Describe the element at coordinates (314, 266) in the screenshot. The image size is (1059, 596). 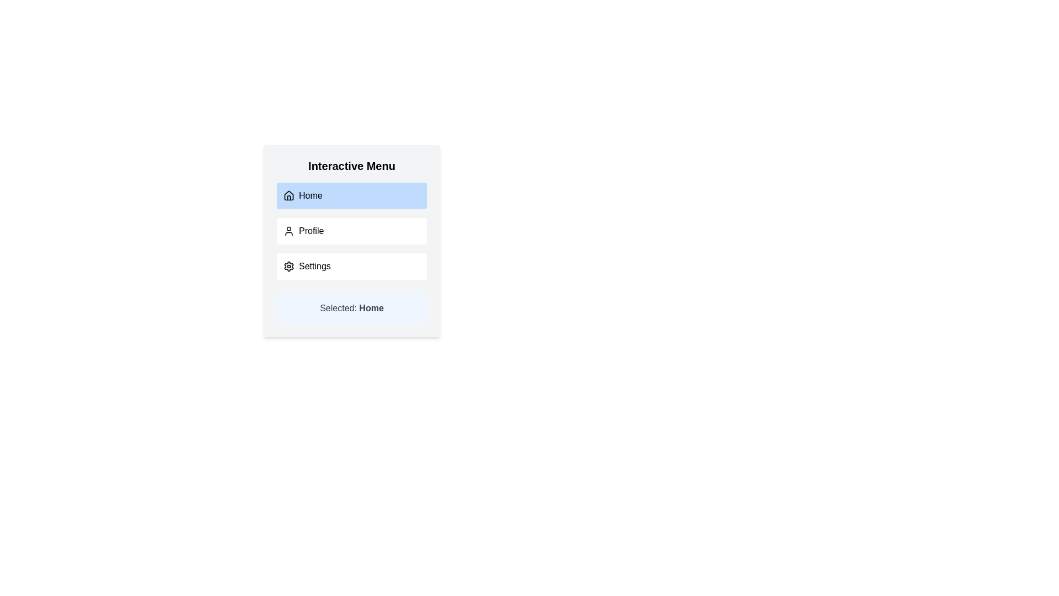
I see `the 'Settings' text label, styled in a sans-serif font, located adjacent to a gear icon` at that location.